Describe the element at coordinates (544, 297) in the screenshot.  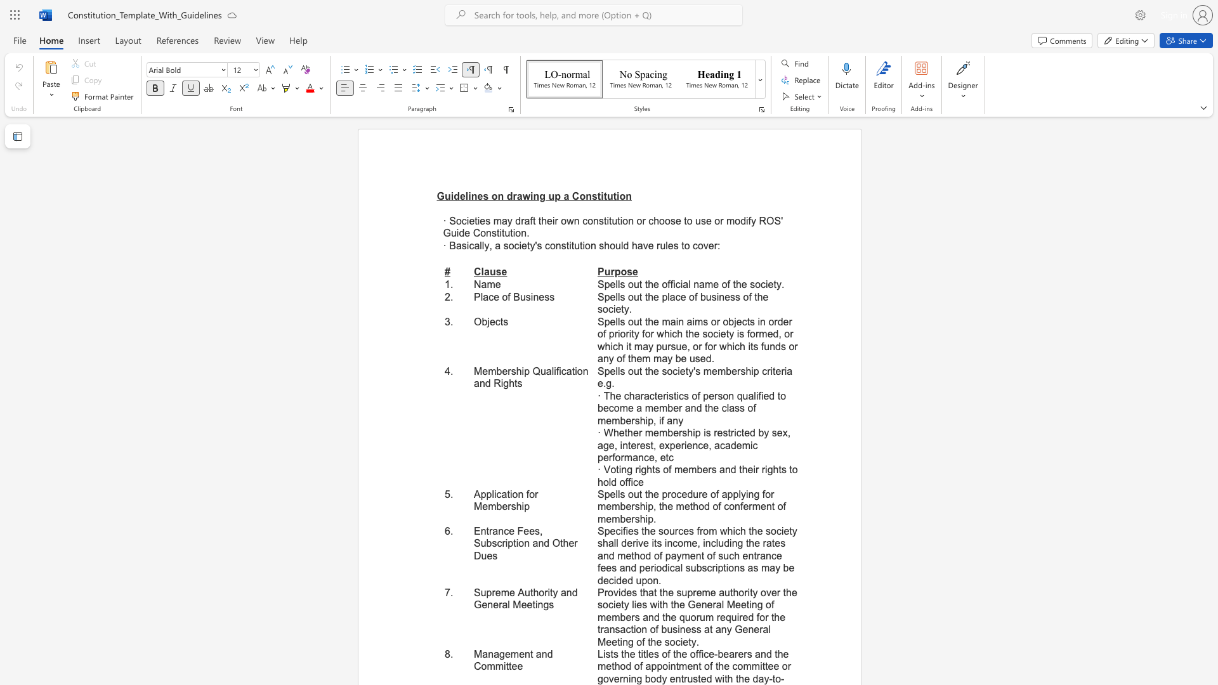
I see `the subset text "ss" within the text "Place of Business"` at that location.